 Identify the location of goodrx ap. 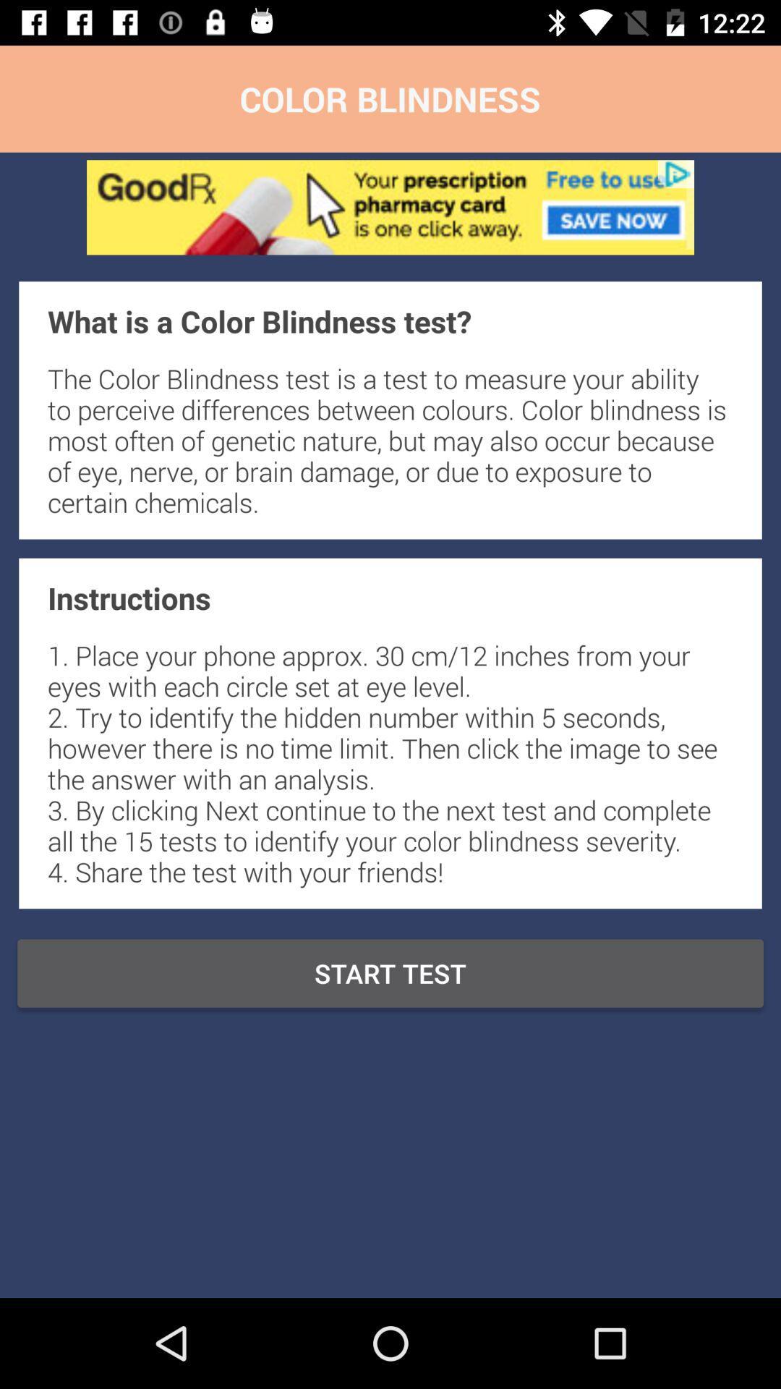
(390, 206).